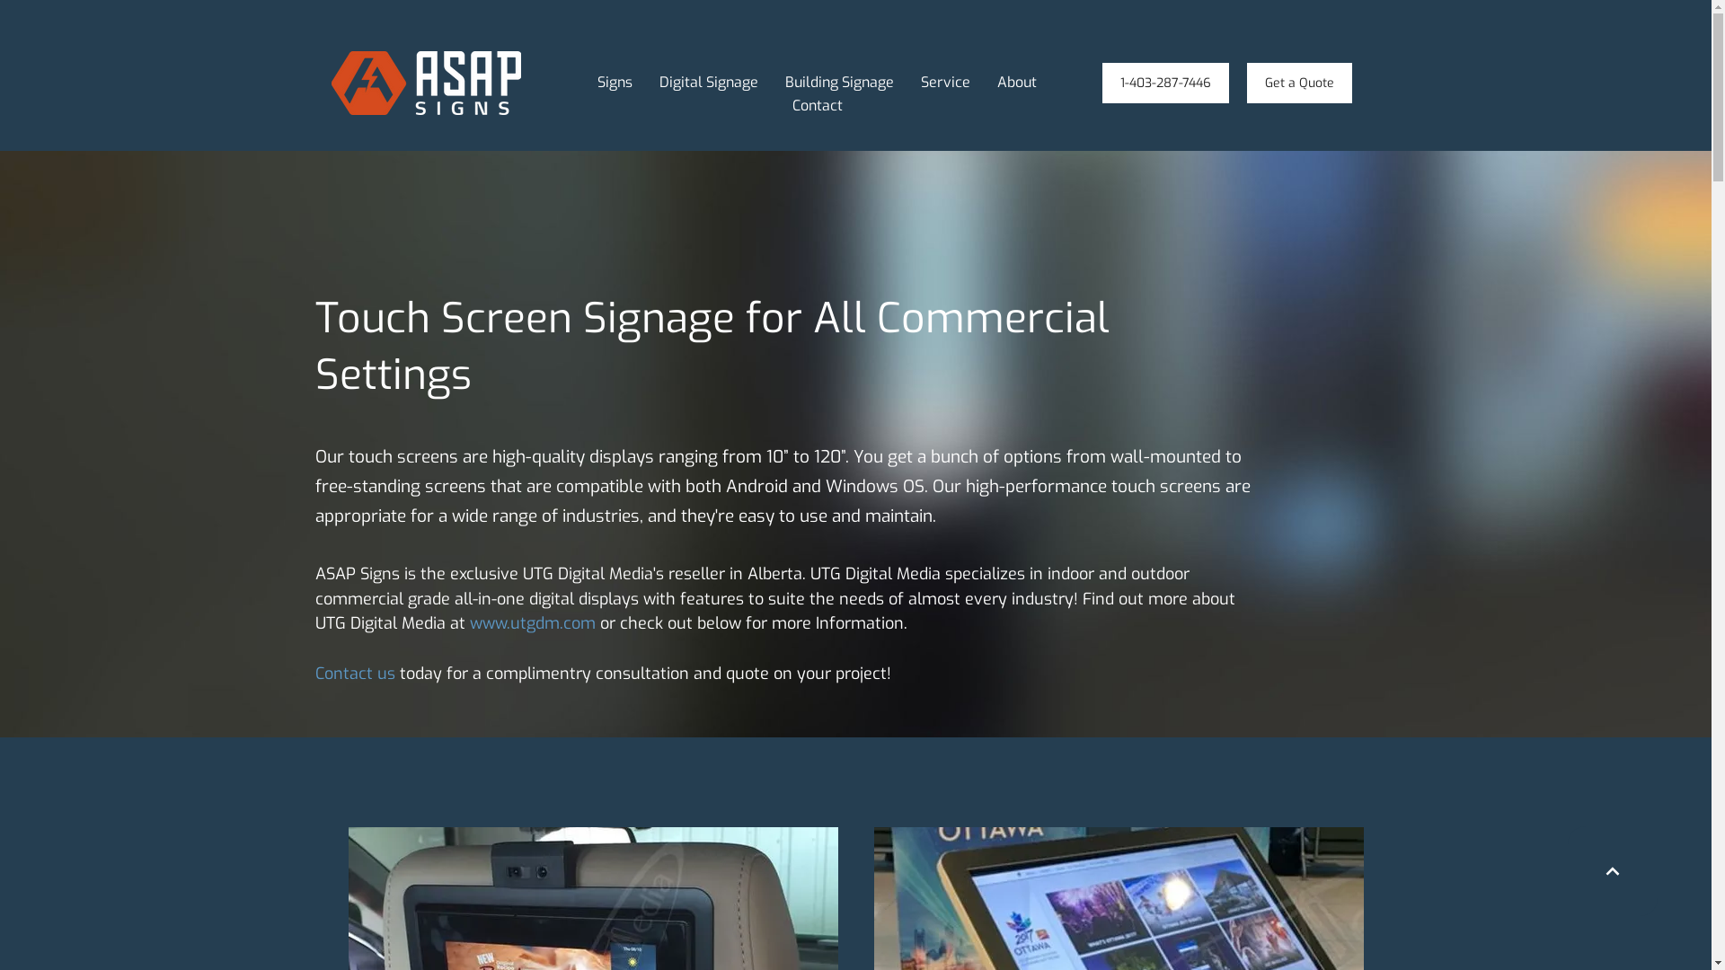  What do you see at coordinates (615, 83) in the screenshot?
I see `'Signs'` at bounding box center [615, 83].